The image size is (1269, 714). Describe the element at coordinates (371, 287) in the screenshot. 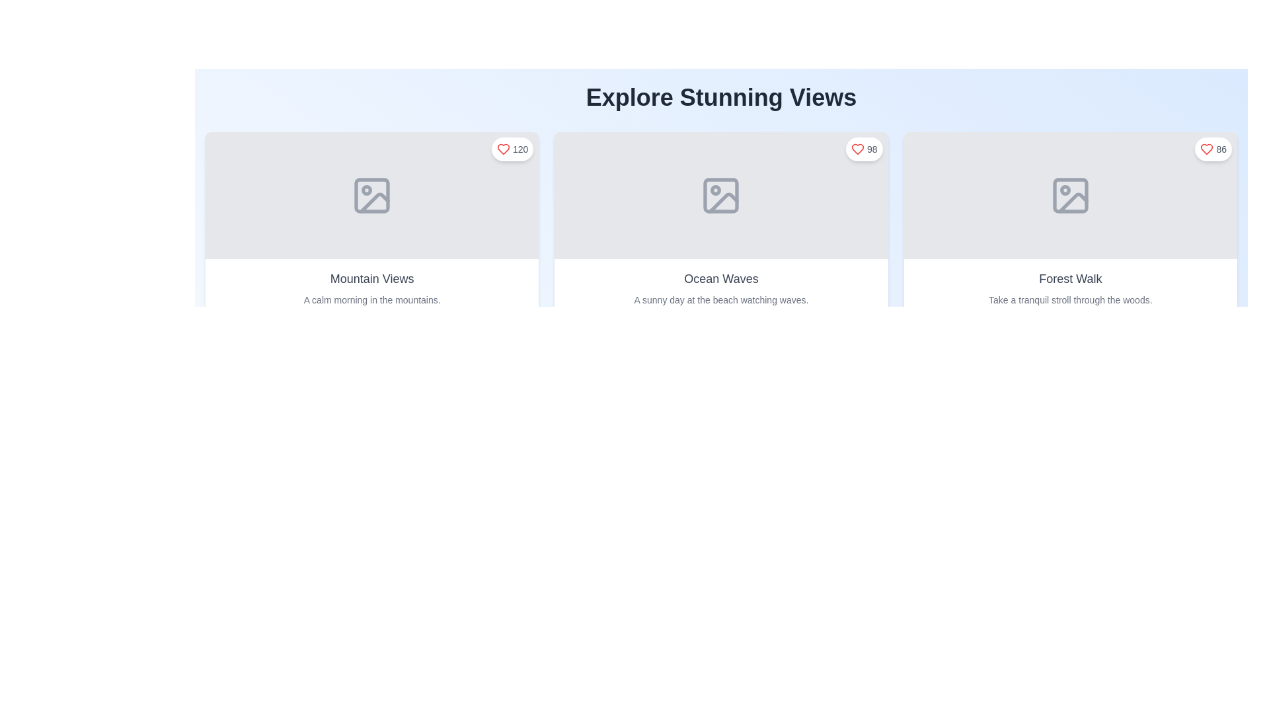

I see `the Text block located at the bottom of the first card in a horizontally arranged grid of cards` at that location.